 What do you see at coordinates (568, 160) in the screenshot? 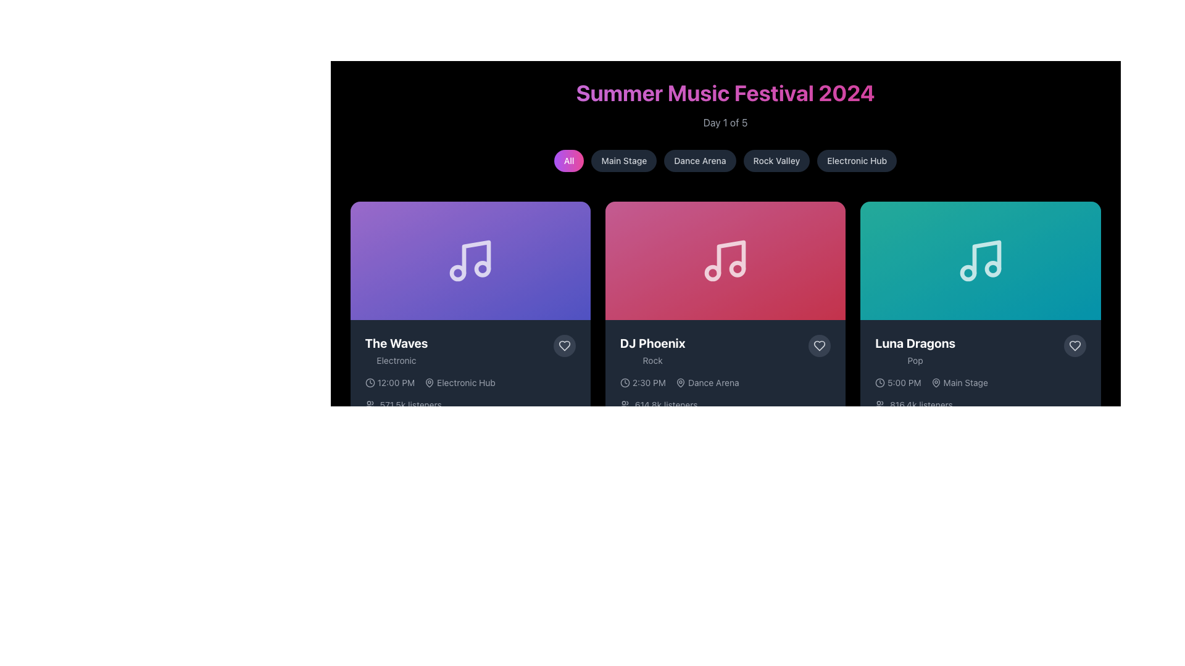
I see `the filter button labeled 'All', which is the first button in a horizontal row of buttons for viewing categories, situated below the 'Summer Music Festival 2024' heading` at bounding box center [568, 160].